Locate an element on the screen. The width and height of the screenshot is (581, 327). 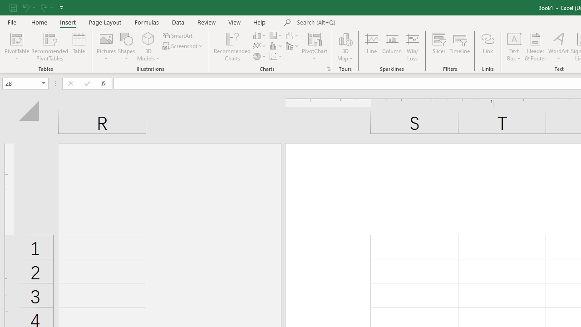
'Table' is located at coordinates (79, 47).